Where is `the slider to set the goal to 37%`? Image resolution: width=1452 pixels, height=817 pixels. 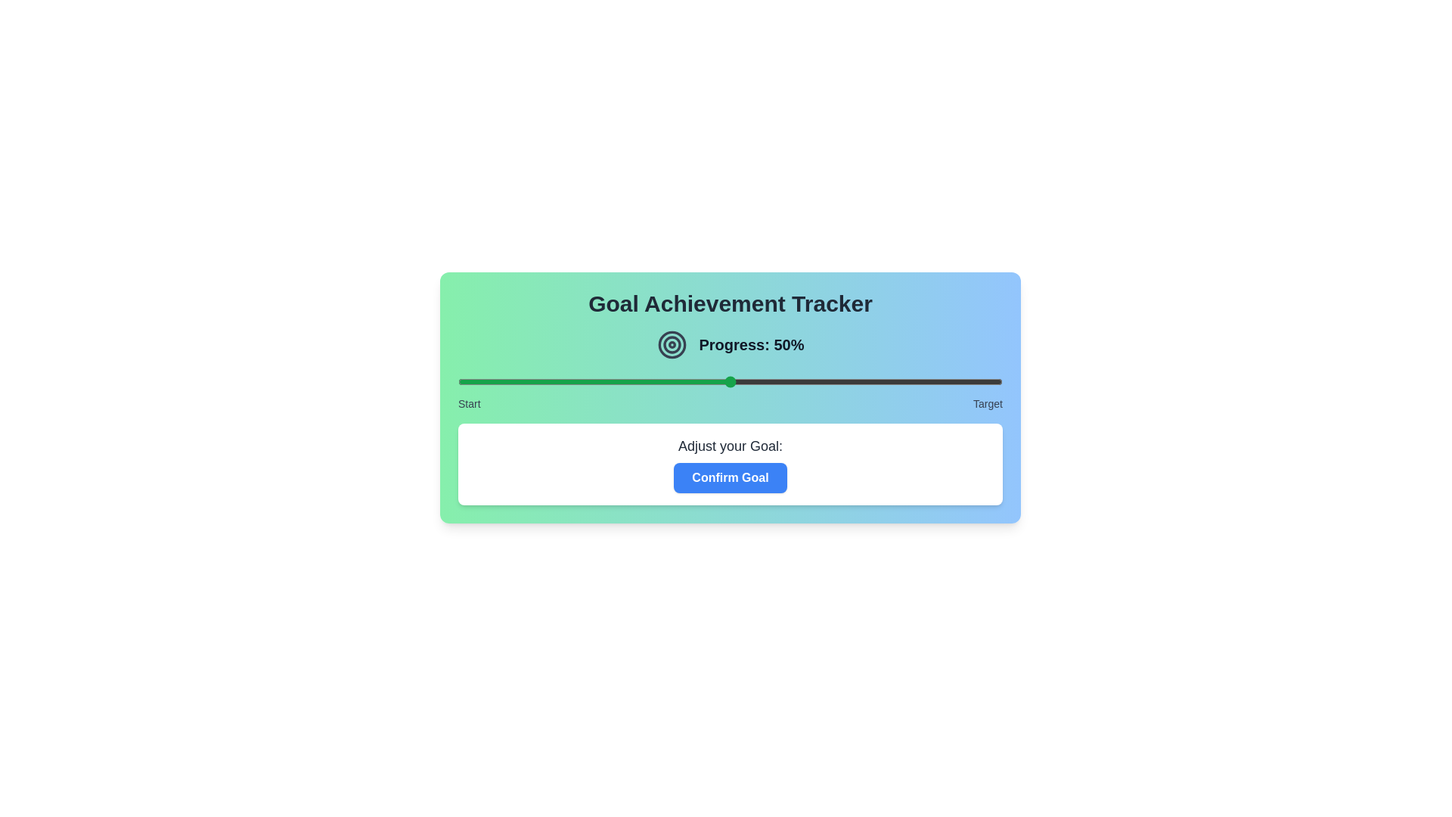 the slider to set the goal to 37% is located at coordinates (659, 381).